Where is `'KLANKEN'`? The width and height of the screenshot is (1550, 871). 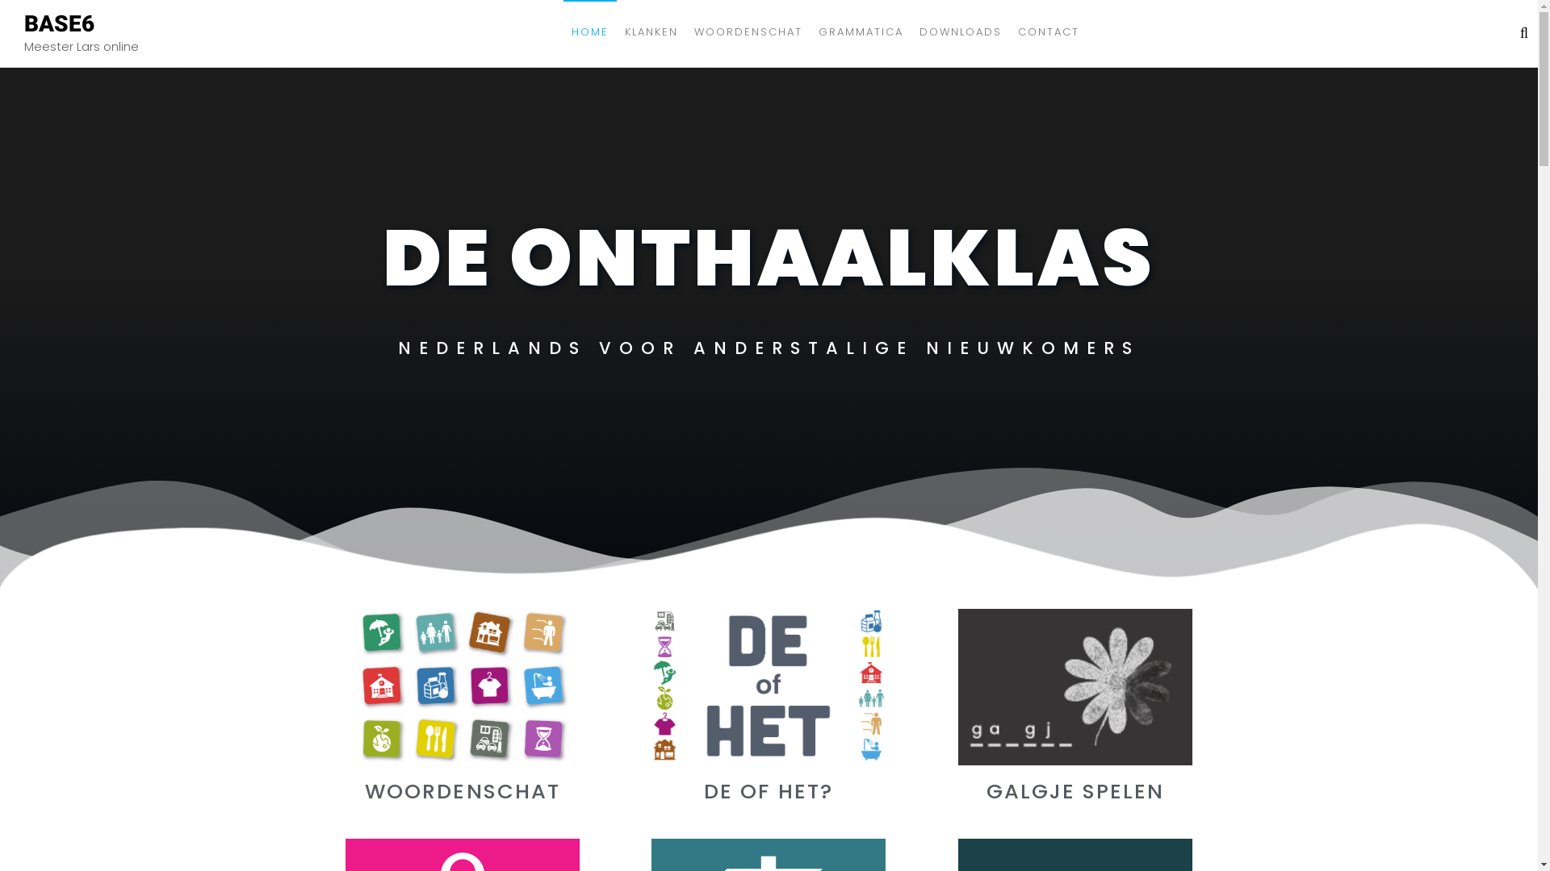 'KLANKEN' is located at coordinates (651, 31).